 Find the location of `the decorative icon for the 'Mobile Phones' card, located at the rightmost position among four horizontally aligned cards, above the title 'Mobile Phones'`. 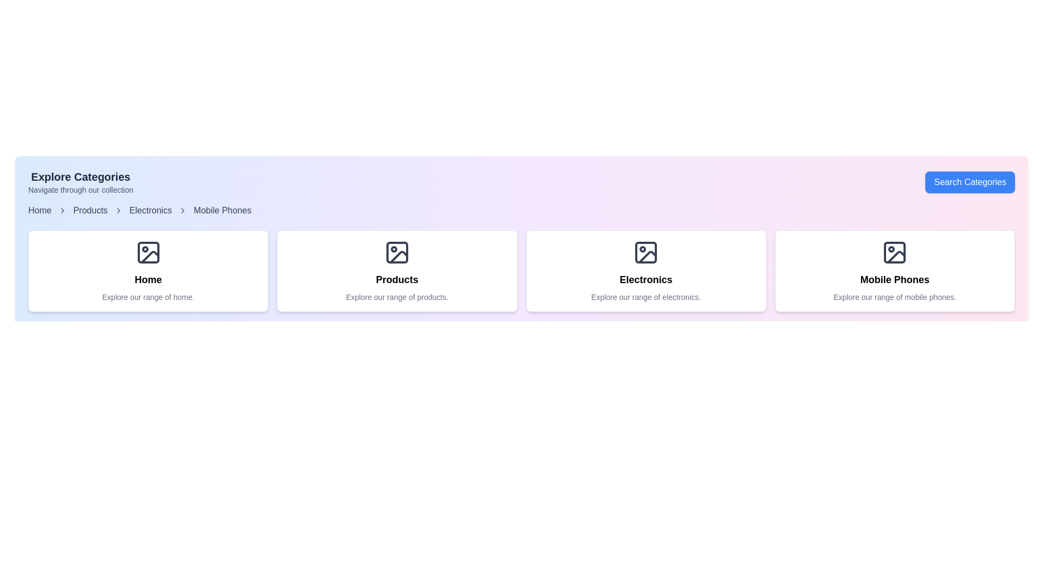

the decorative icon for the 'Mobile Phones' card, located at the rightmost position among four horizontally aligned cards, above the title 'Mobile Phones' is located at coordinates (895, 252).